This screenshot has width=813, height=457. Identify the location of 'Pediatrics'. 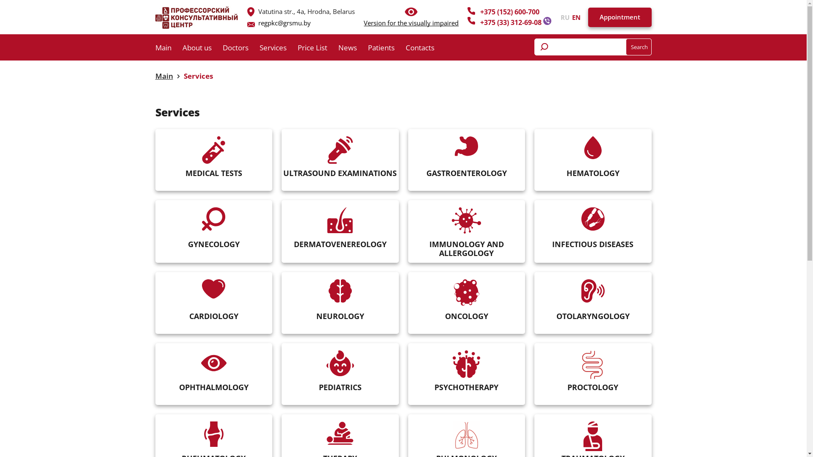
(326, 363).